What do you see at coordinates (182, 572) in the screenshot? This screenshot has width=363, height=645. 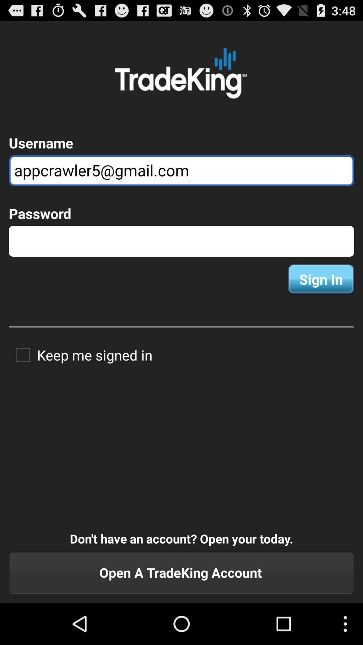 I see `the open a tradeking button` at bounding box center [182, 572].